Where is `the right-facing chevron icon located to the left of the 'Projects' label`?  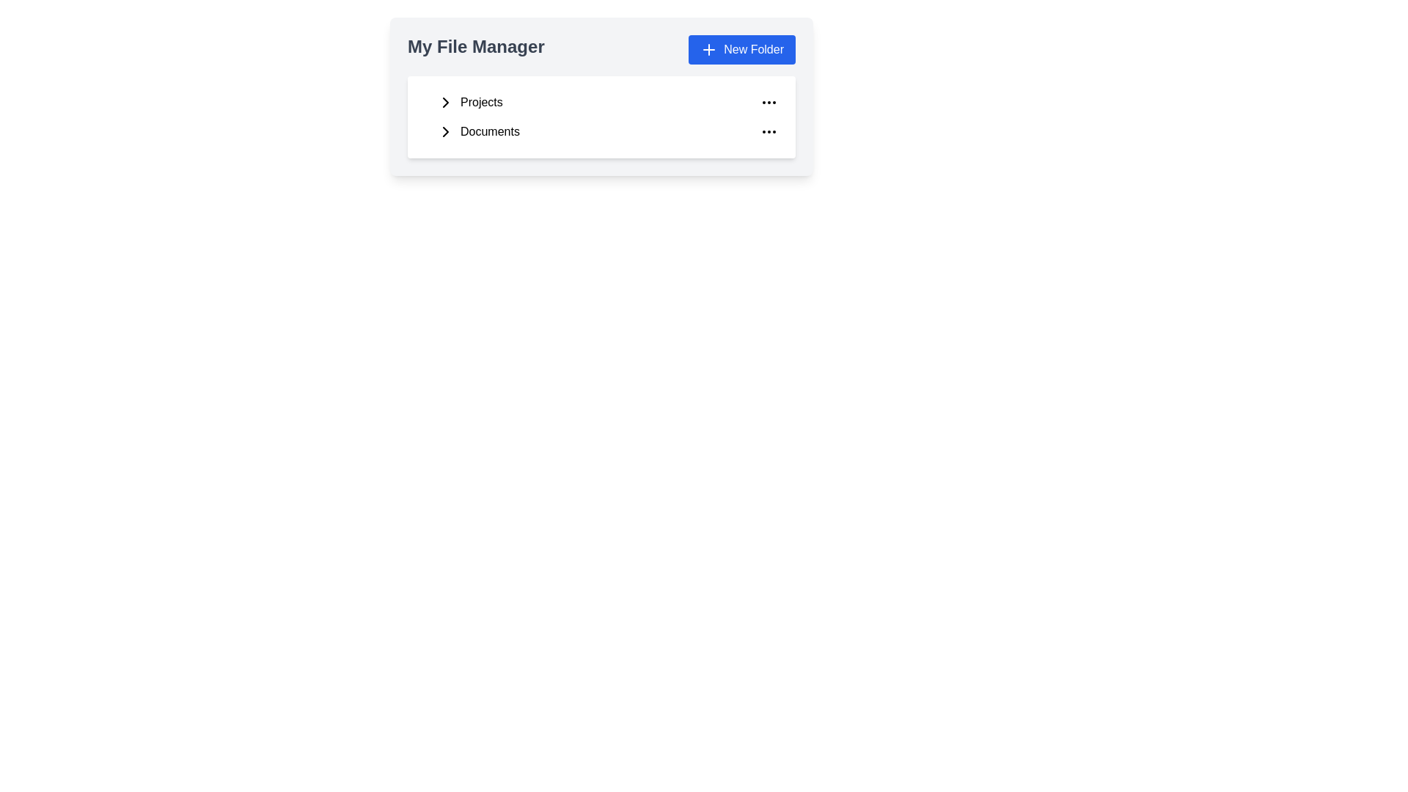
the right-facing chevron icon located to the left of the 'Projects' label is located at coordinates (445, 101).